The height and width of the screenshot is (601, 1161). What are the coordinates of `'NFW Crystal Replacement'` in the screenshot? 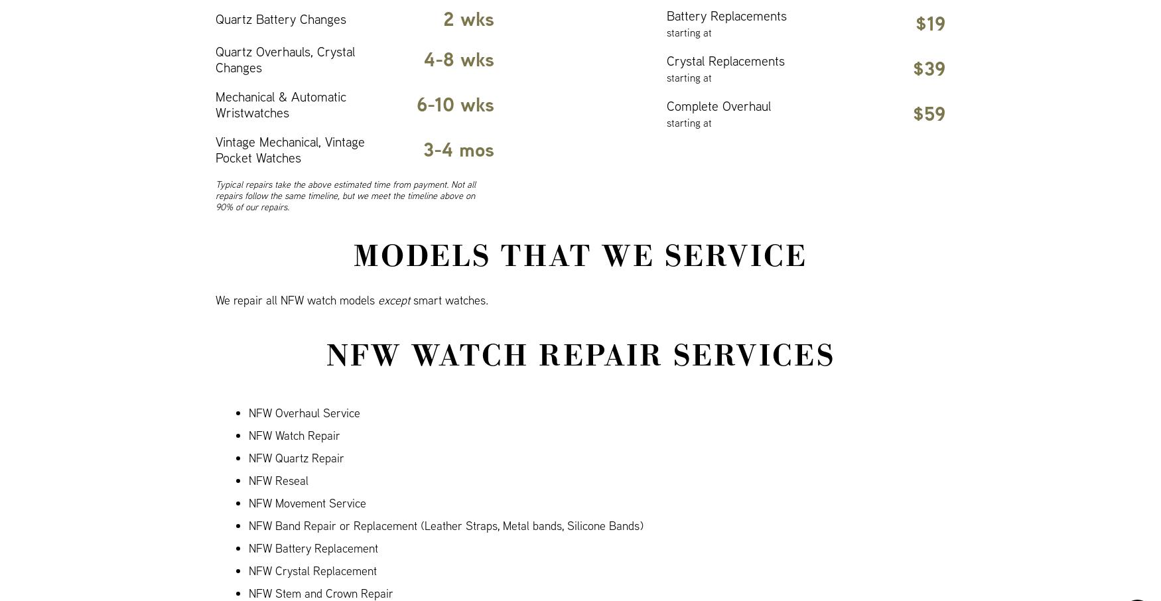 It's located at (312, 570).